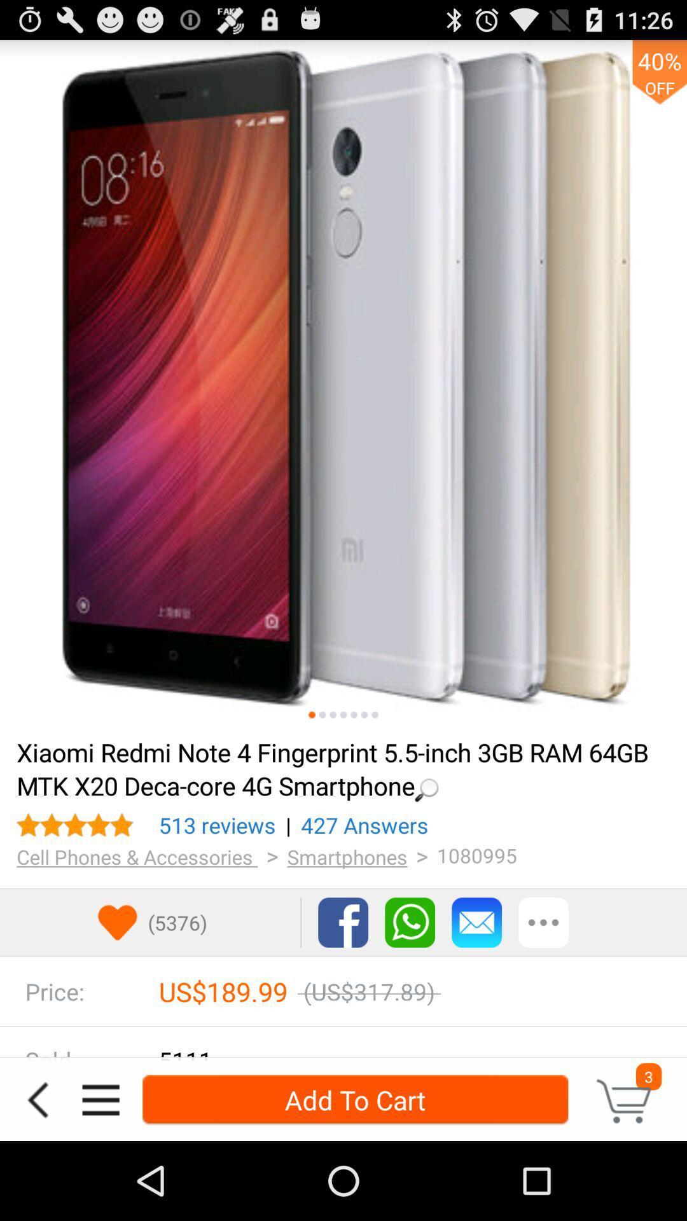 The width and height of the screenshot is (687, 1221). Describe the element at coordinates (410, 922) in the screenshot. I see `press to contact` at that location.